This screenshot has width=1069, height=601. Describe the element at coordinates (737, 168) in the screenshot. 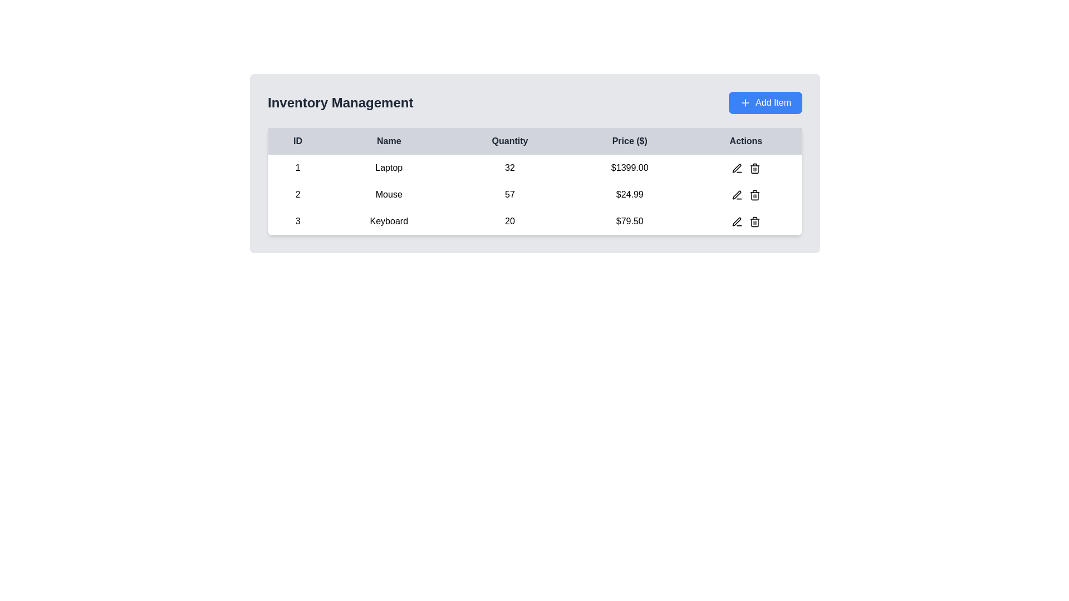

I see `the pen icon located in the first row of the 'Actions' column` at that location.